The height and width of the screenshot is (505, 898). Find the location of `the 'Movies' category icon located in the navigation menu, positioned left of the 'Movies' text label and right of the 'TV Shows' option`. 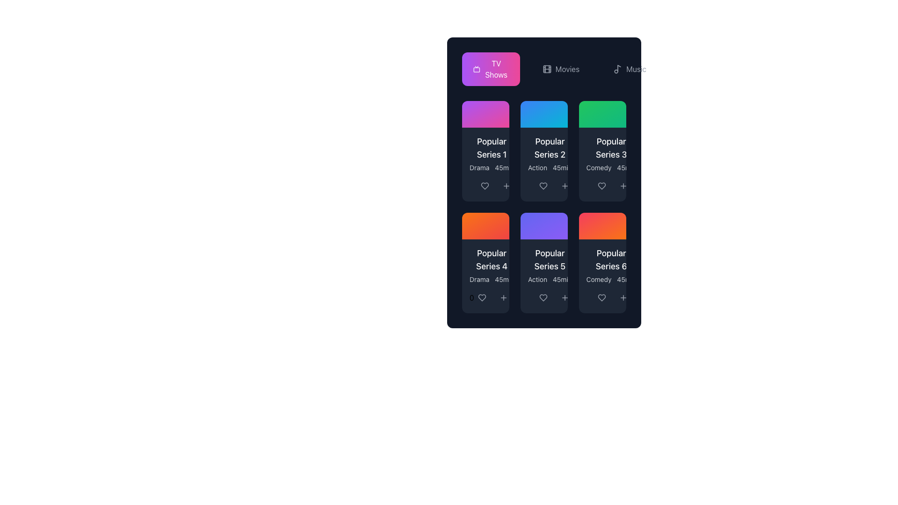

the 'Movies' category icon located in the navigation menu, positioned left of the 'Movies' text label and right of the 'TV Shows' option is located at coordinates (547, 68).